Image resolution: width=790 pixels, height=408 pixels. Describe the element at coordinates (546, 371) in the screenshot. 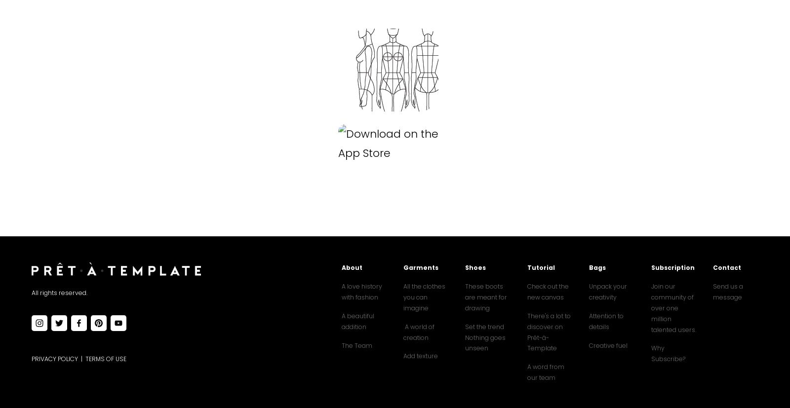

I see `'A word from our team'` at that location.